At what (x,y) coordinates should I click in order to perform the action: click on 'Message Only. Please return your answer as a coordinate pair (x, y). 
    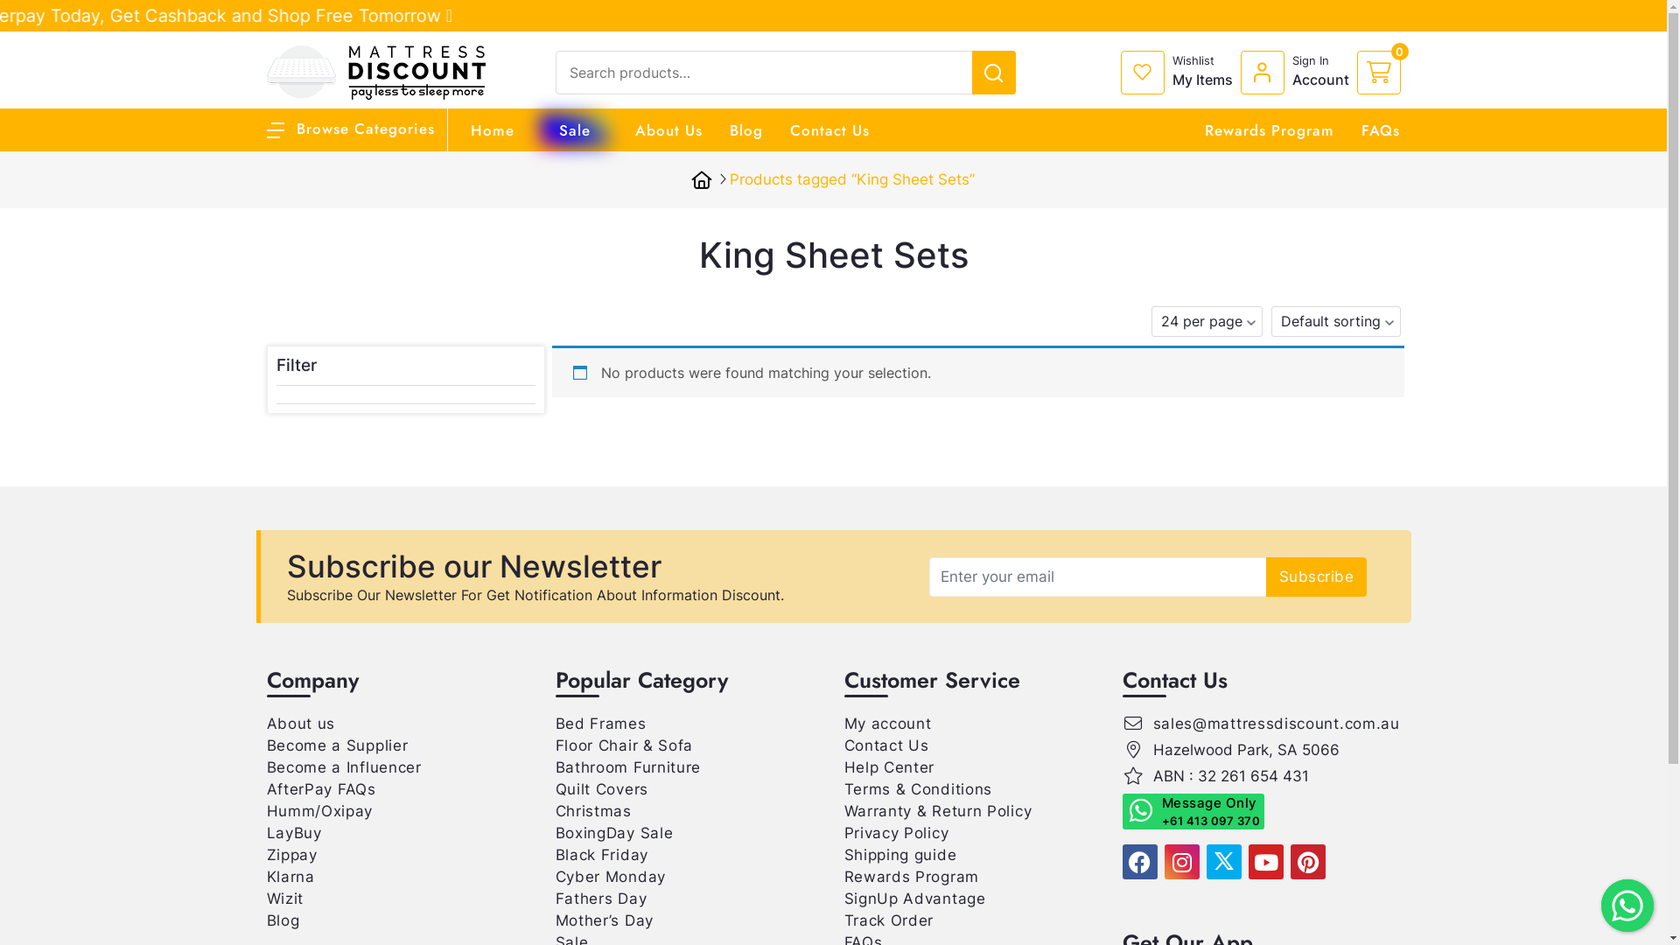
    Looking at the image, I should click on (1192, 811).